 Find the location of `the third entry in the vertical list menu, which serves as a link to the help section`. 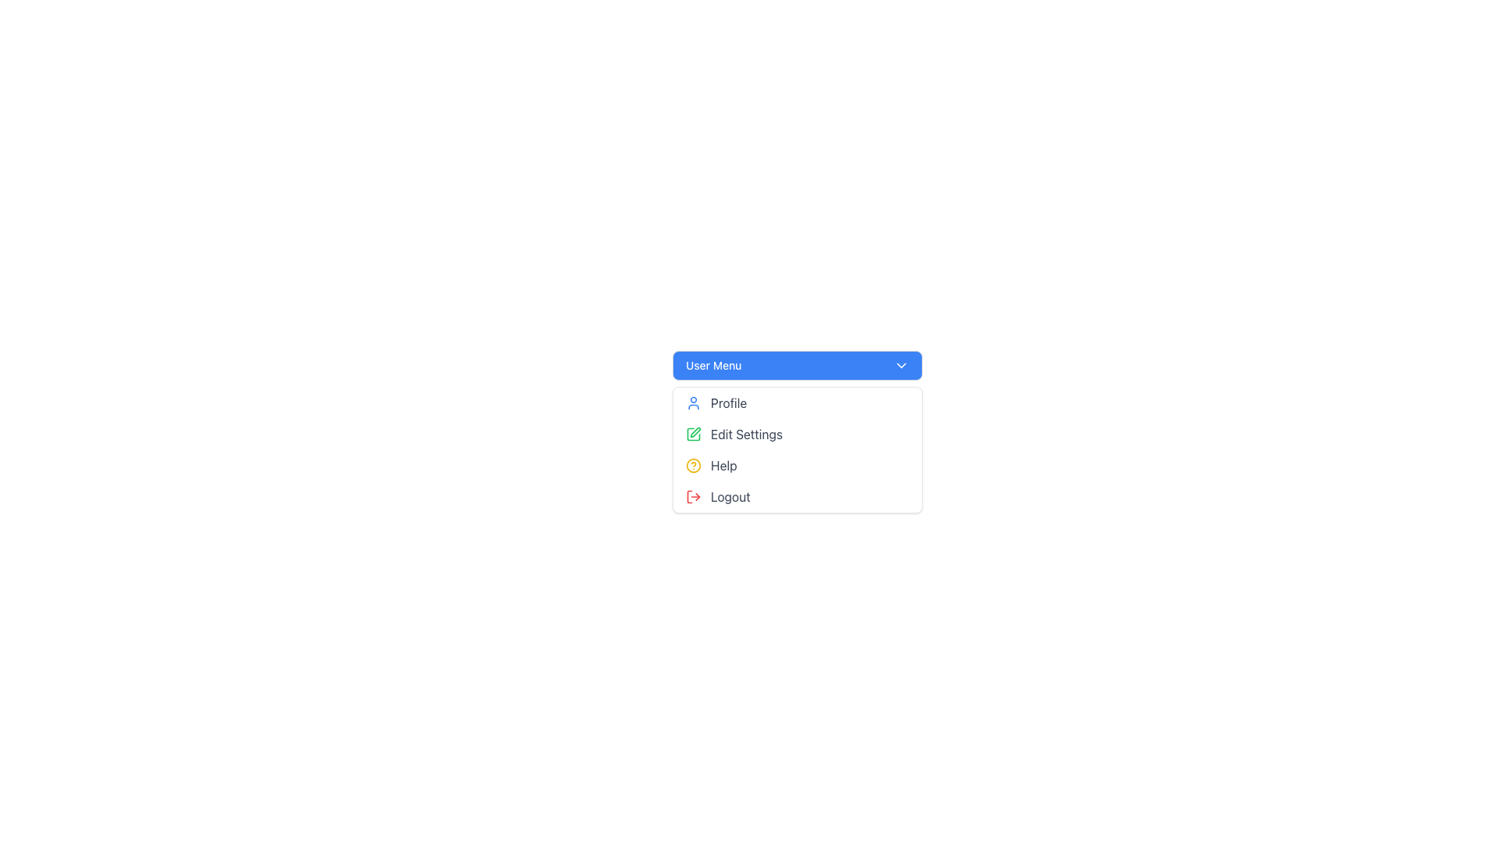

the third entry in the vertical list menu, which serves as a link to the help section is located at coordinates (798, 465).